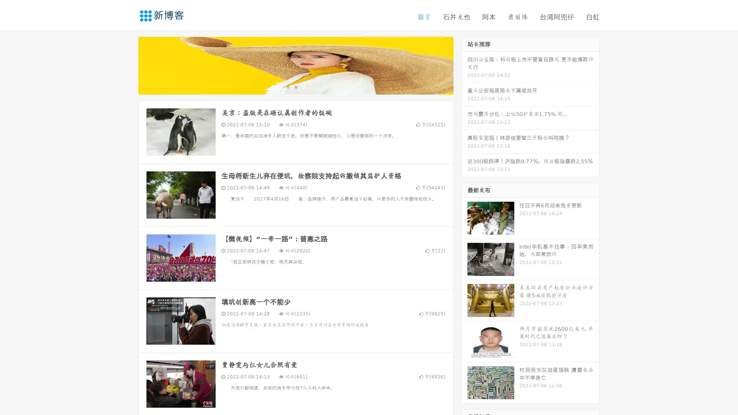 The width and height of the screenshot is (738, 415). What do you see at coordinates (127, 65) in the screenshot?
I see `Previous slide` at bounding box center [127, 65].